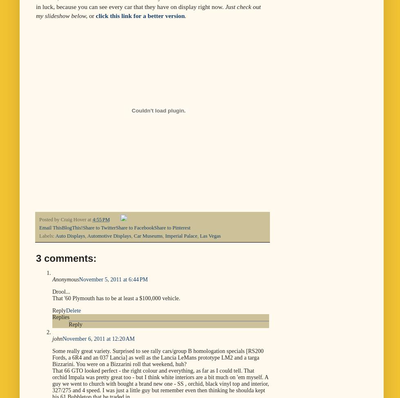  I want to click on 'Auto Displays', so click(70, 236).